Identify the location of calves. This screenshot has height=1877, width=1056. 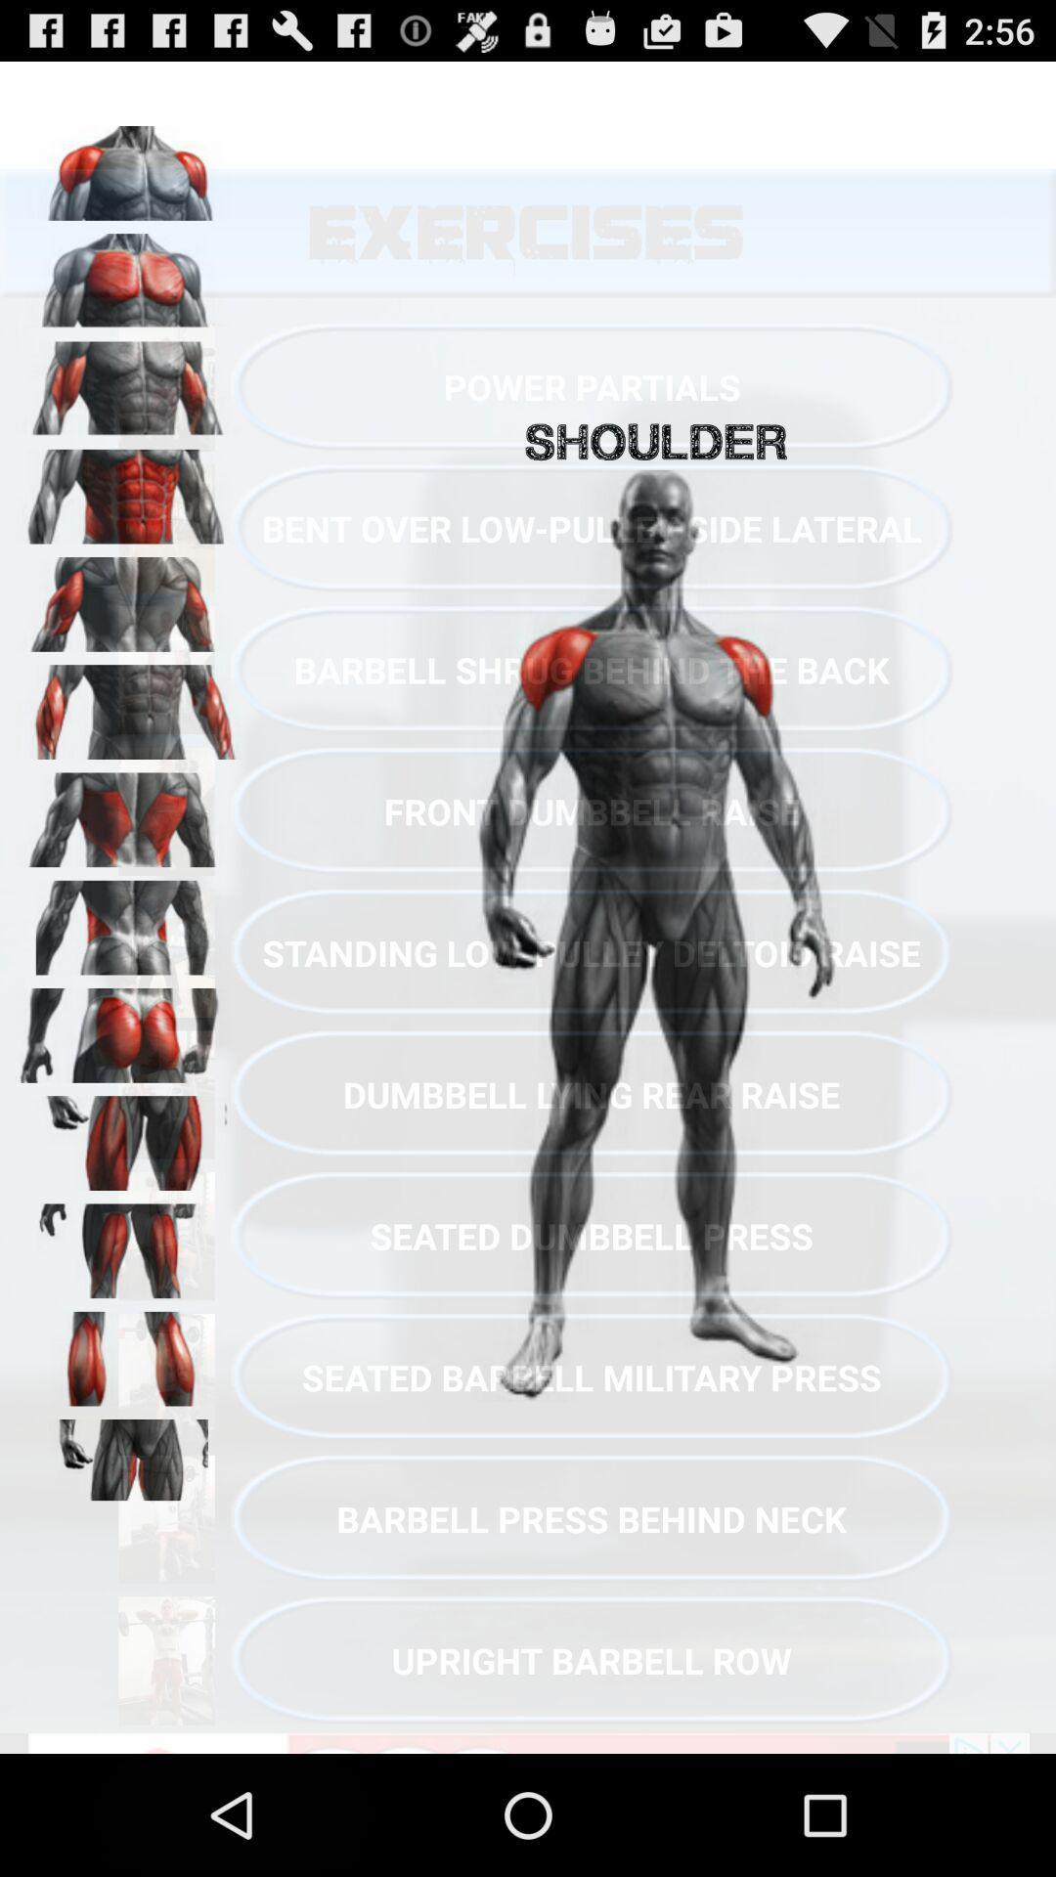
(128, 1351).